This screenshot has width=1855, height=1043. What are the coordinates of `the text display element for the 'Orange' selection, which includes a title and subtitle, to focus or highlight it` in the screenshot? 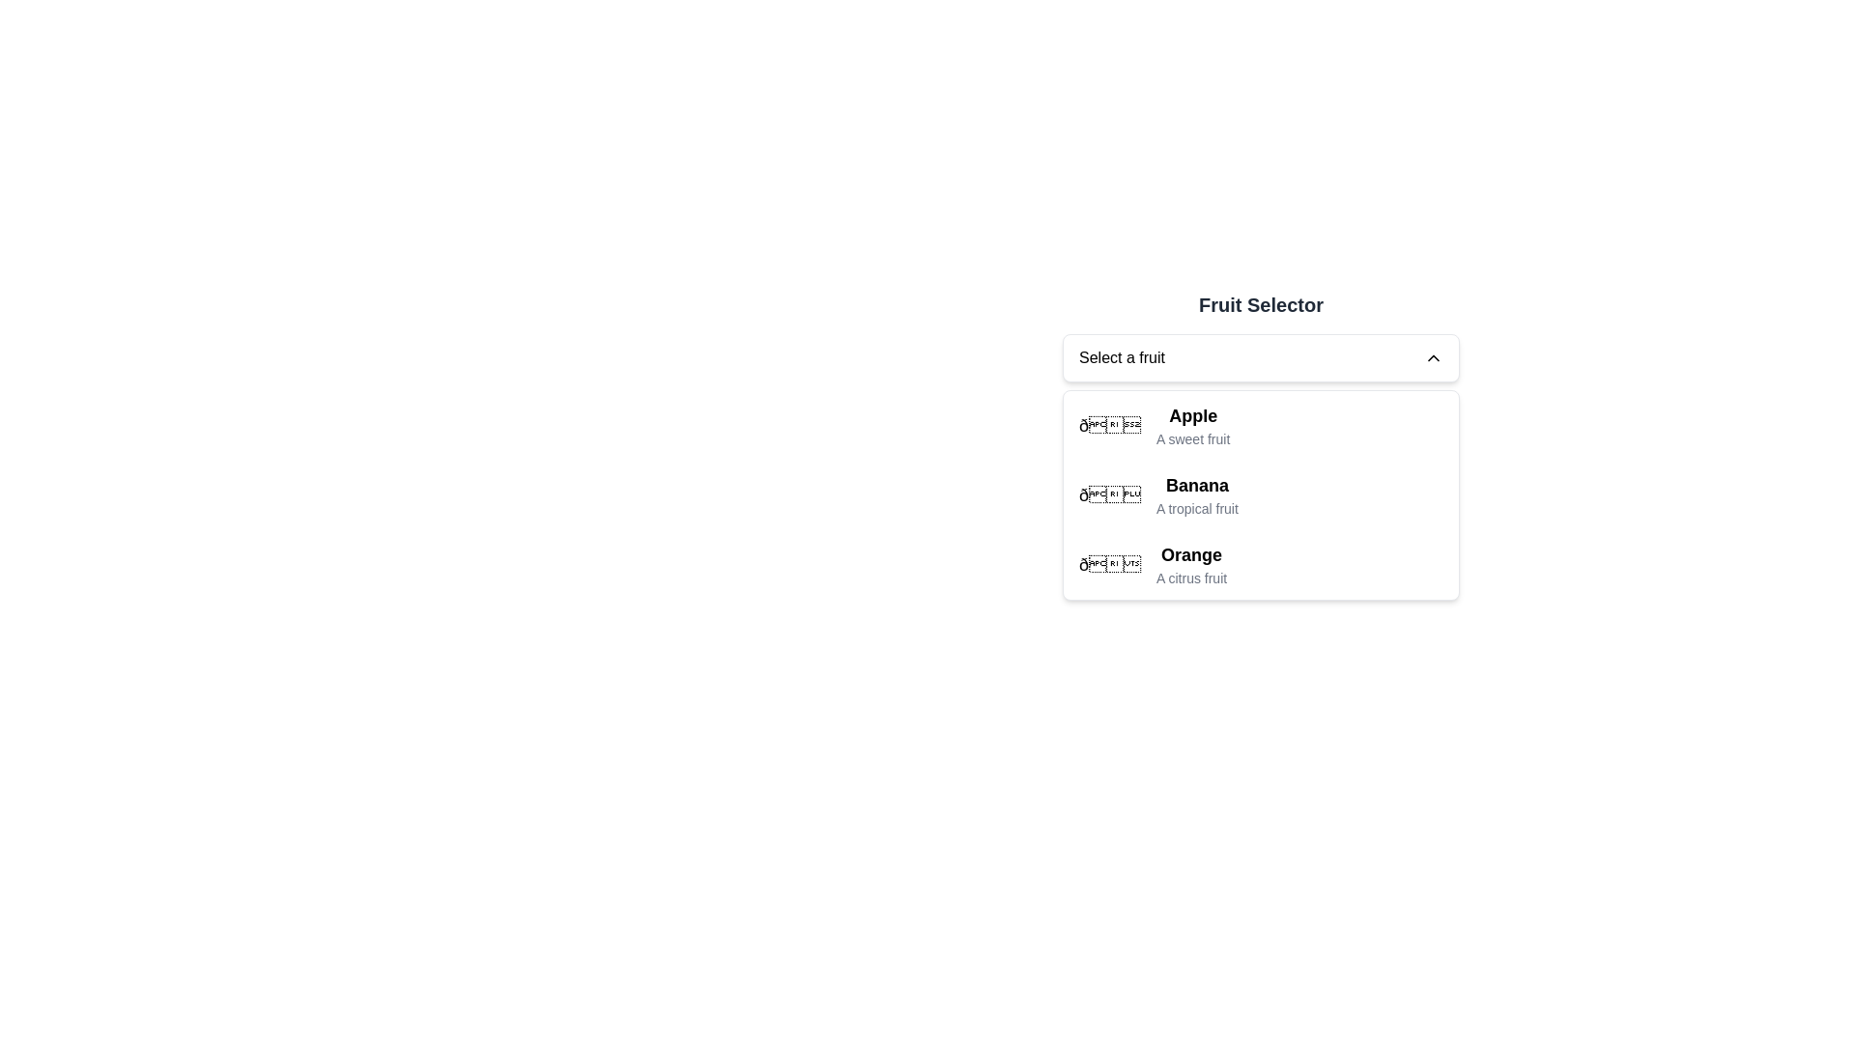 It's located at (1190, 565).